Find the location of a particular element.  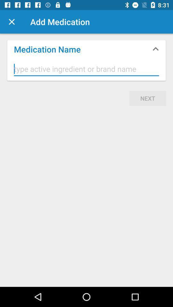

item next to the add medication icon is located at coordinates (12, 22).